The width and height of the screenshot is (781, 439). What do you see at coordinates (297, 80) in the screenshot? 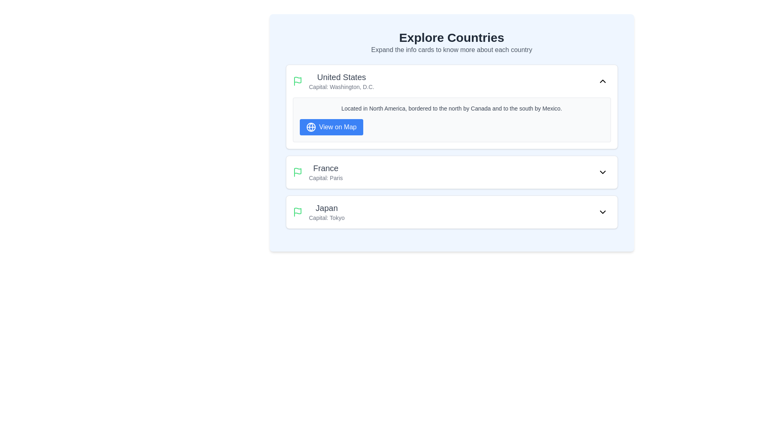
I see `the SVG flag icon located at the top-left corner of the United States card section, adjacent to the title 'United States'` at bounding box center [297, 80].